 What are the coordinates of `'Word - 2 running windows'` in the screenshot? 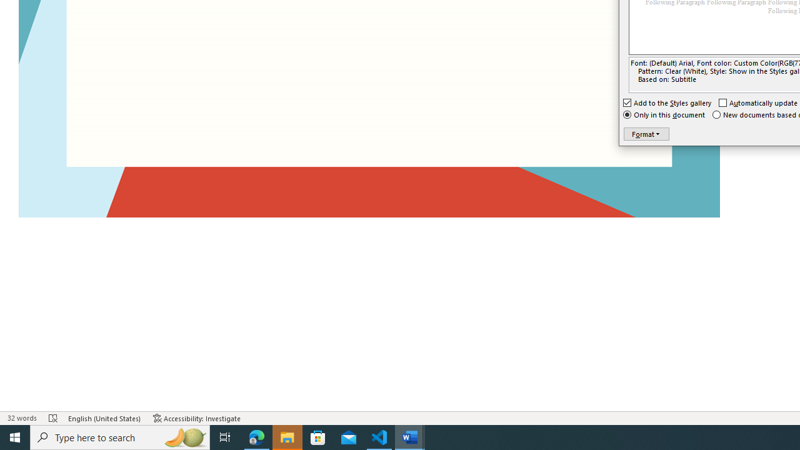 It's located at (410, 436).